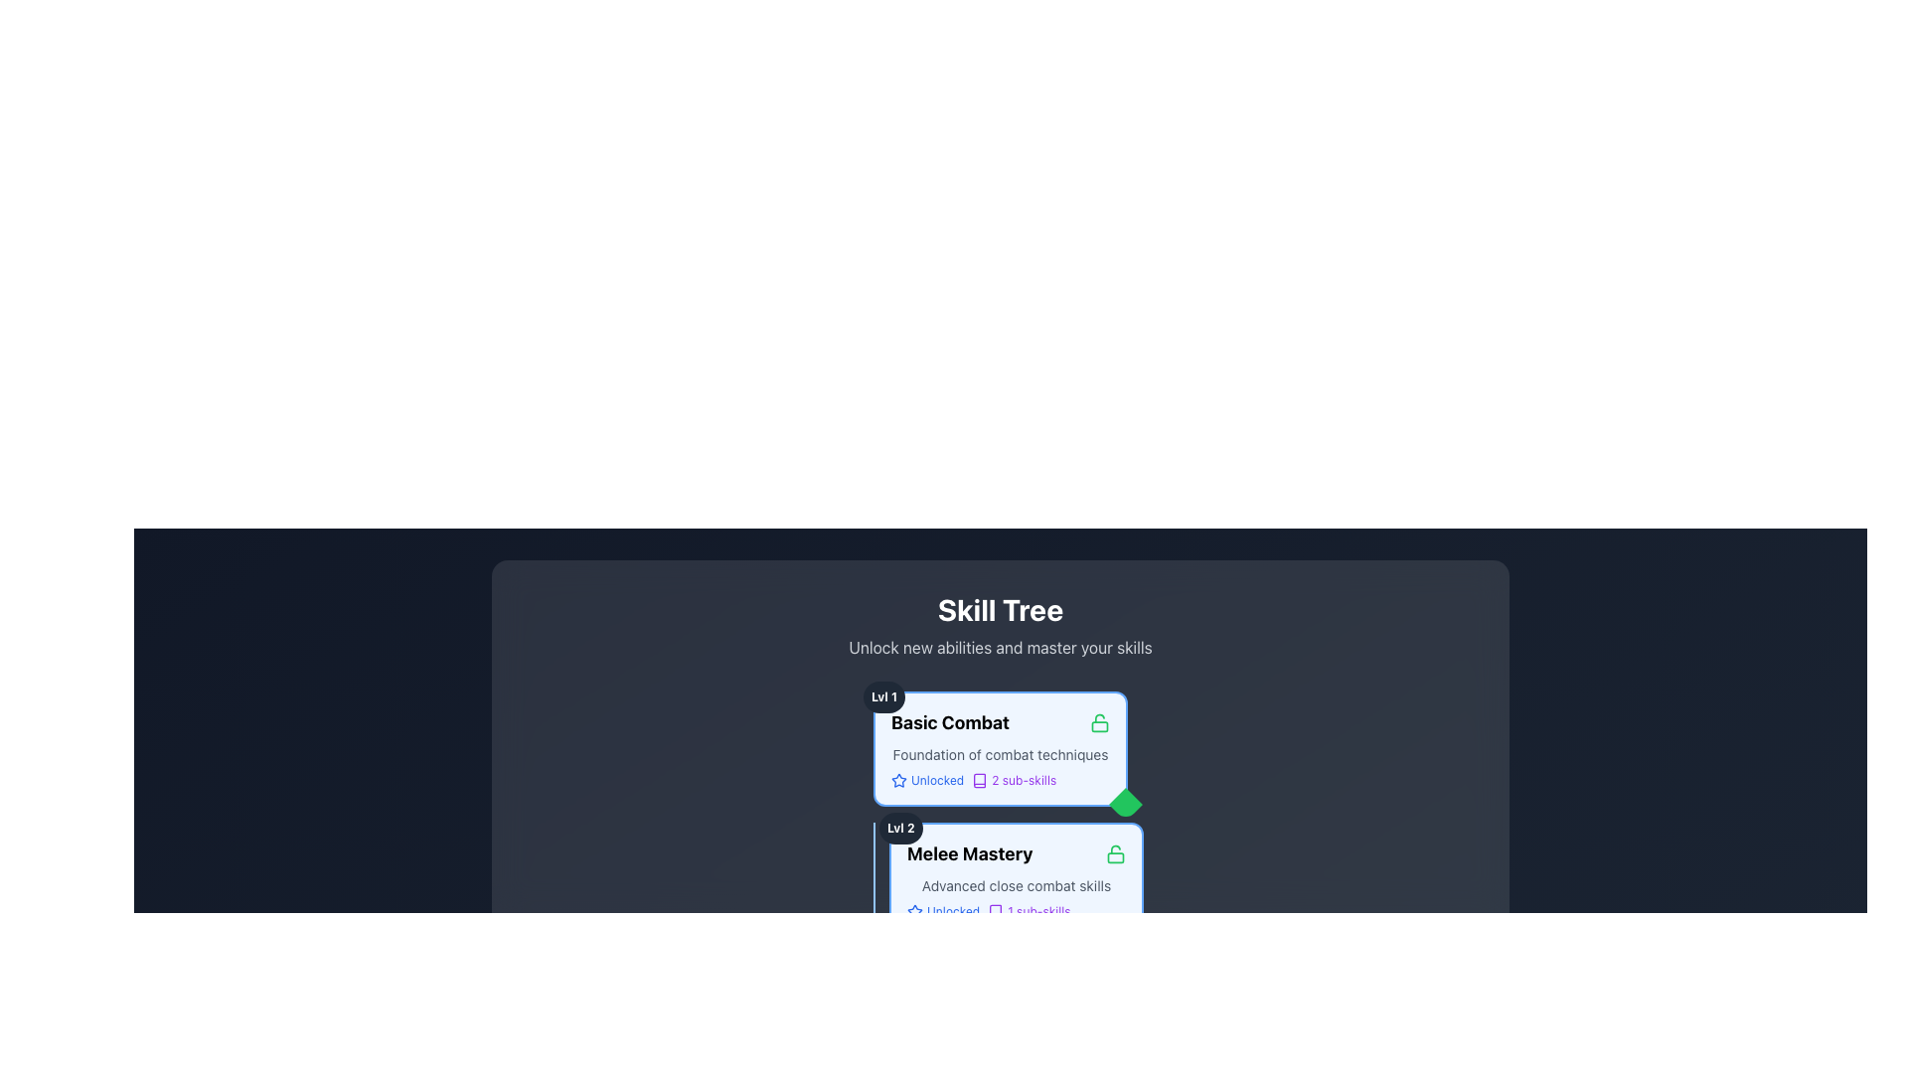  What do you see at coordinates (1001, 748) in the screenshot?
I see `header and description of the first skill card in the skill tree interface, which displays information about the basic combat skill and its current status` at bounding box center [1001, 748].